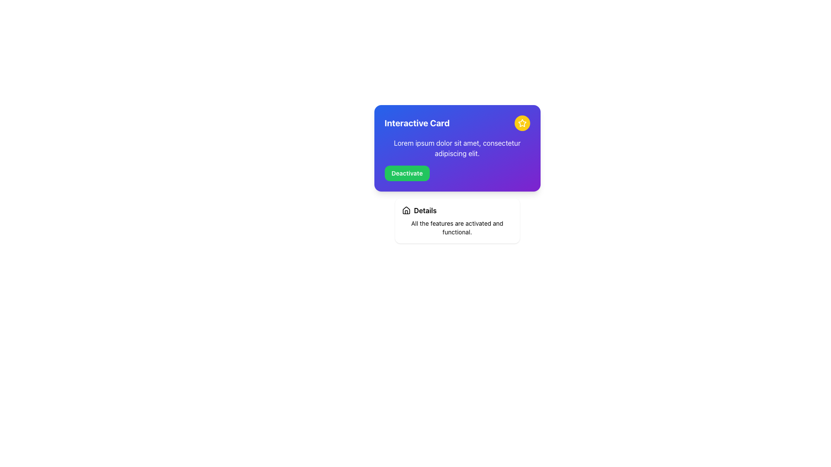 This screenshot has height=467, width=831. Describe the element at coordinates (522, 123) in the screenshot. I see `the circular yellow button with a white star icon located in the top-right corner of the 'Interactive Card' panel for keyboard interaction` at that location.